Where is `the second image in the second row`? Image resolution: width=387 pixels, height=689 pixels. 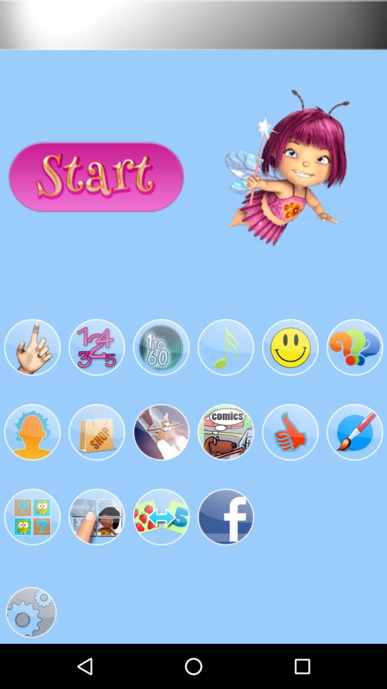
the second image in the second row is located at coordinates (97, 432).